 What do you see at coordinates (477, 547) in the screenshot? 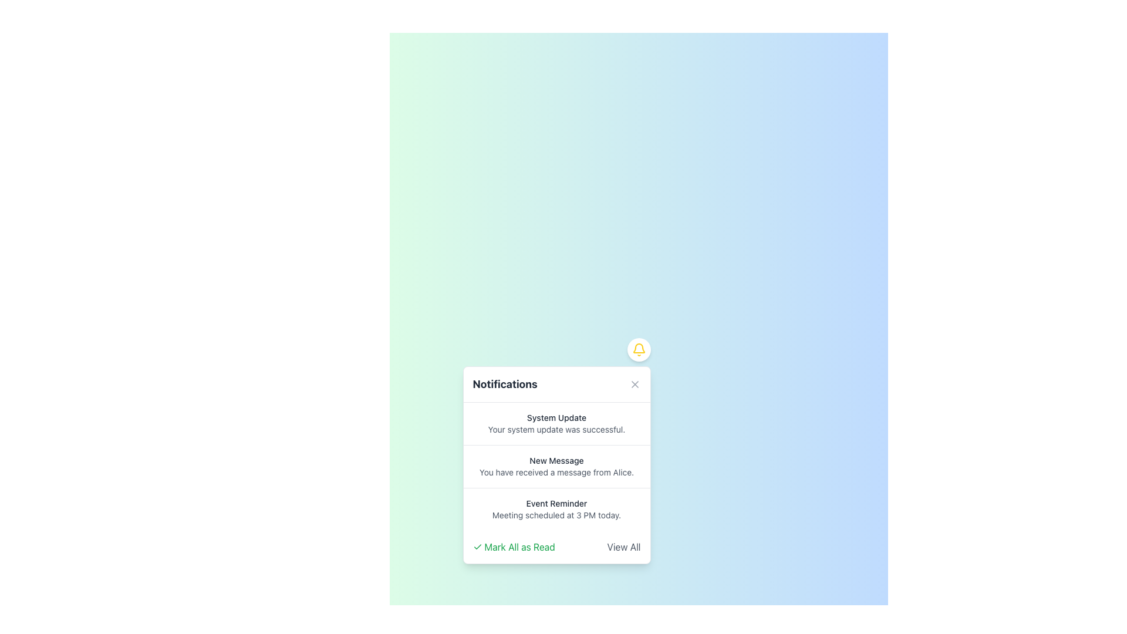
I see `the green checkmark icon located on the left side of the 'Mark All as Read' button` at bounding box center [477, 547].